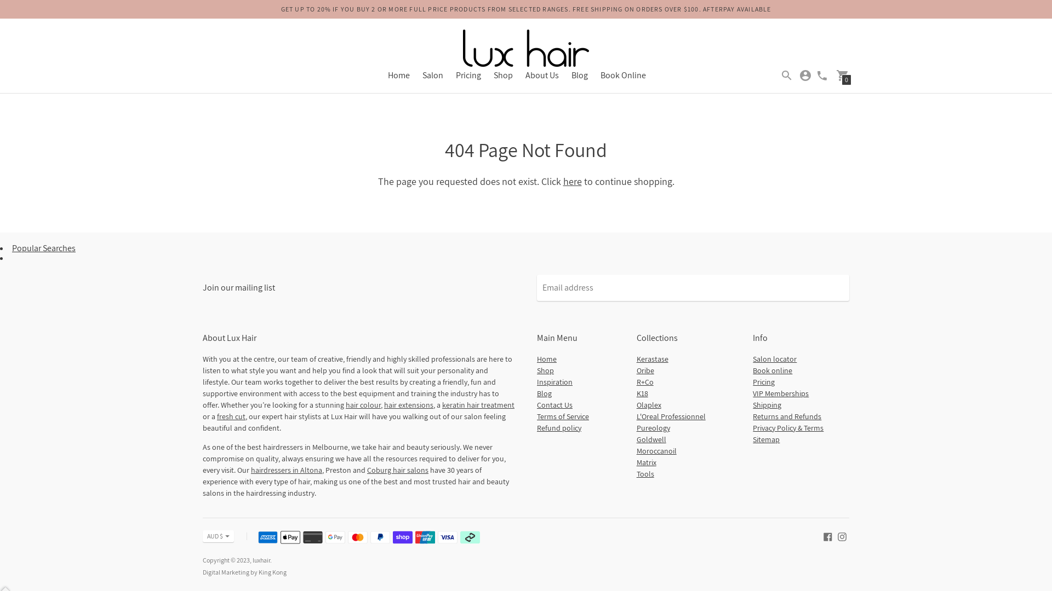 This screenshot has width=1052, height=591. I want to click on 'hair extensions', so click(408, 405).